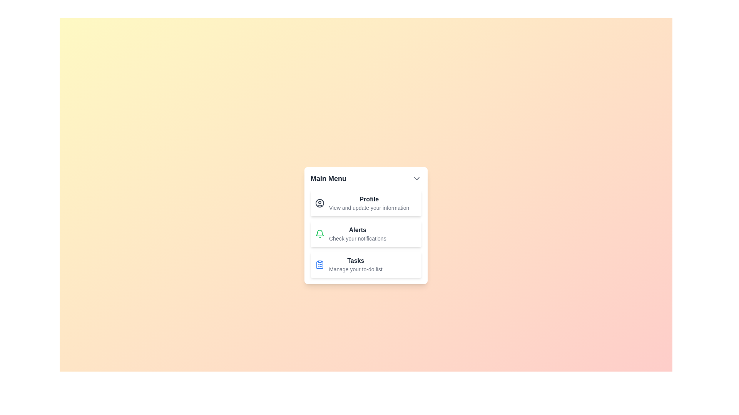 This screenshot has width=739, height=415. What do you see at coordinates (365, 234) in the screenshot?
I see `the menu item 'Alerts' to highlight it` at bounding box center [365, 234].